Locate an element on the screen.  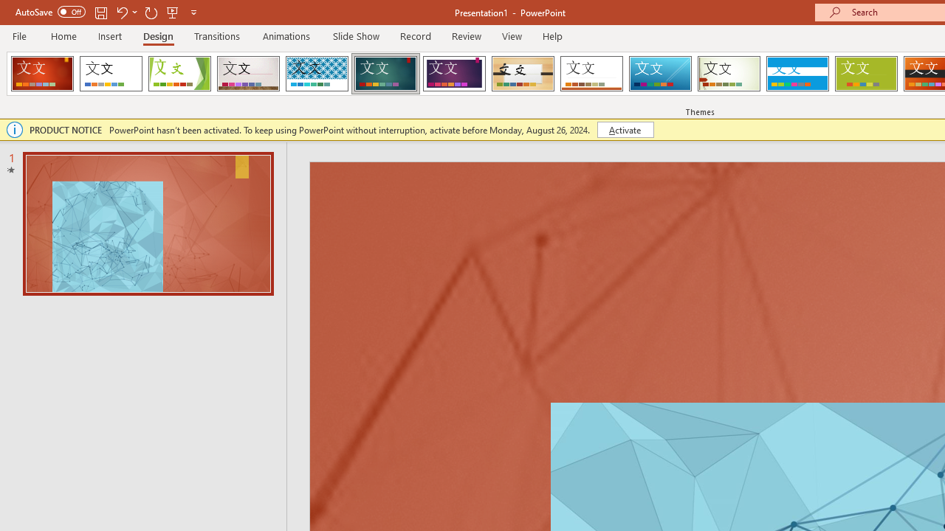
'Facet' is located at coordinates (179, 74).